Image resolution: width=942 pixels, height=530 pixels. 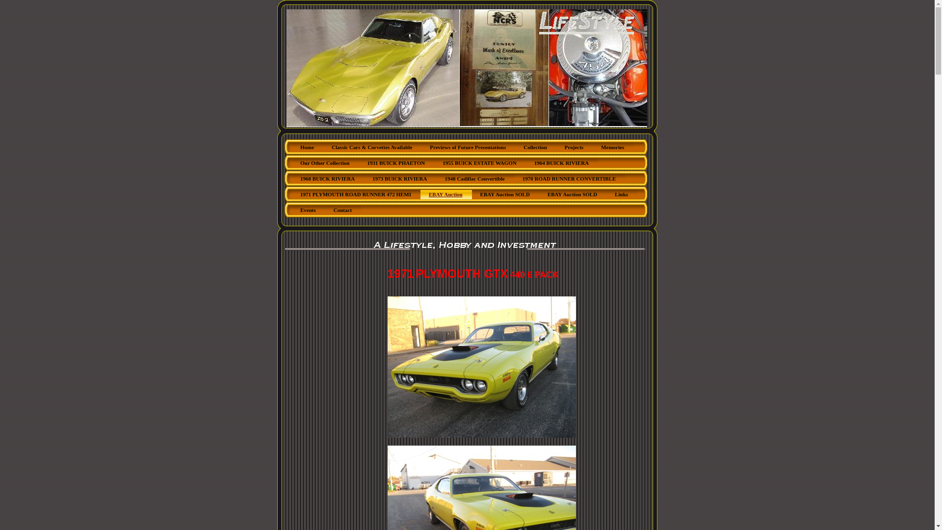 I want to click on 'Projects', so click(x=575, y=148).